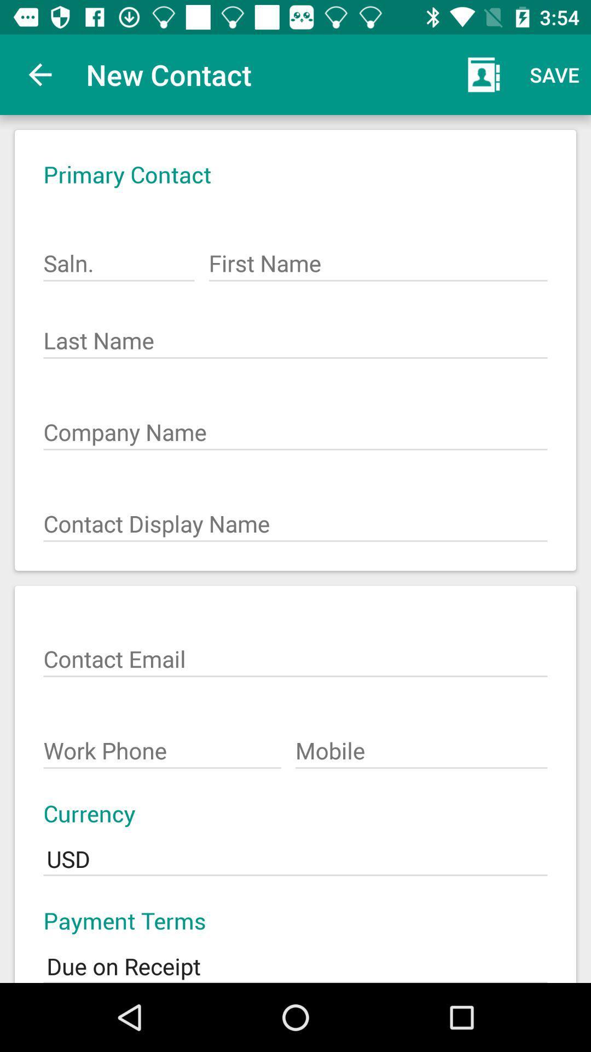 This screenshot has height=1052, width=591. I want to click on icon to the right of new contact icon, so click(483, 74).